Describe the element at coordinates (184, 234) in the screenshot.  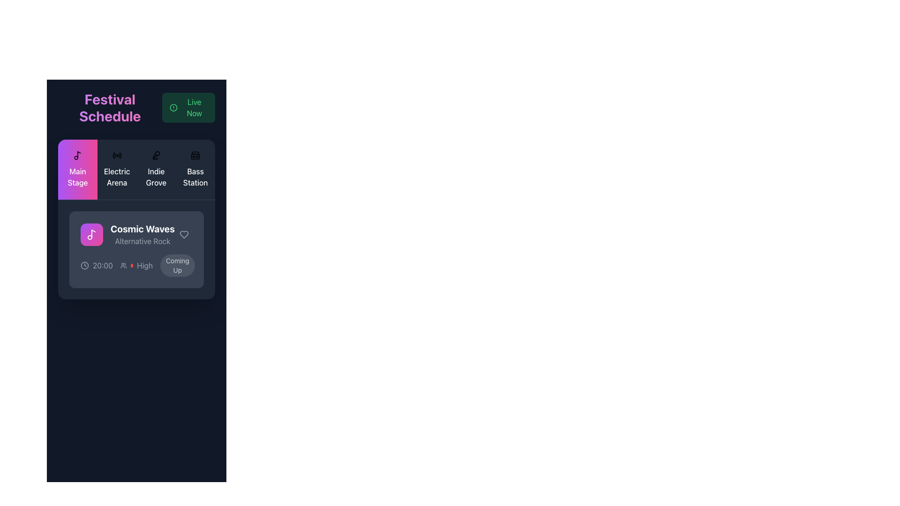
I see `the favorite button located at the far right of the card displaying 'Cosmic Waves' and 'Alternative Rock' to observe the hover effect` at that location.